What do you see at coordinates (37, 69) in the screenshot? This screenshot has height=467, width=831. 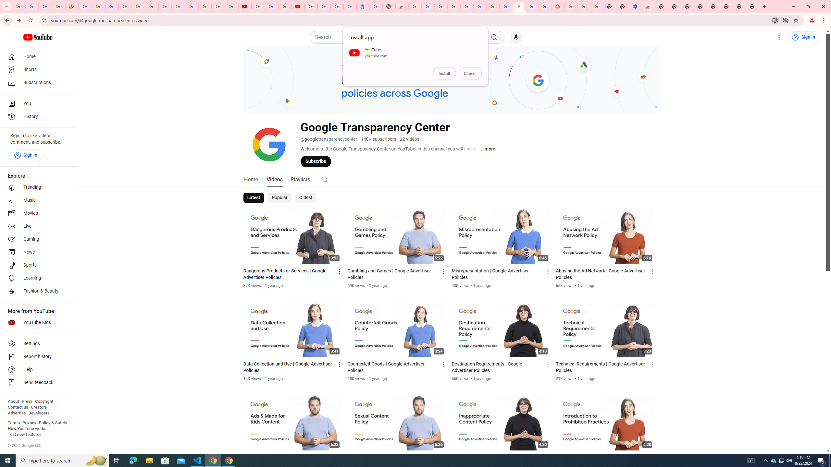 I see `'Shorts'` at bounding box center [37, 69].